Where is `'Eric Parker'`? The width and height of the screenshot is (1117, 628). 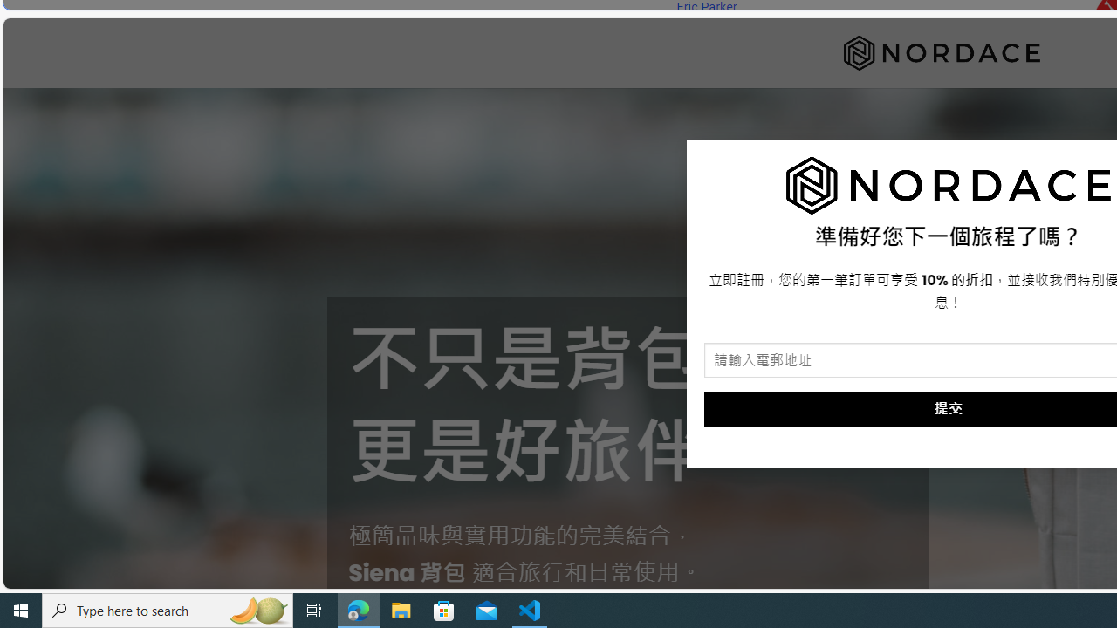
'Eric Parker' is located at coordinates (706, 7).